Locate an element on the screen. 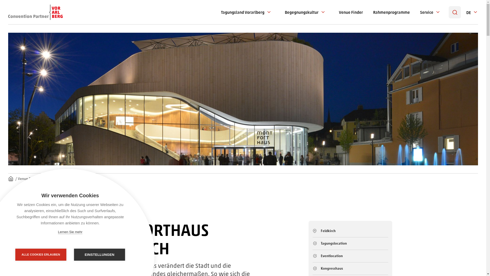 The width and height of the screenshot is (490, 276). 'EINSTELLUNGEN' is located at coordinates (99, 255).